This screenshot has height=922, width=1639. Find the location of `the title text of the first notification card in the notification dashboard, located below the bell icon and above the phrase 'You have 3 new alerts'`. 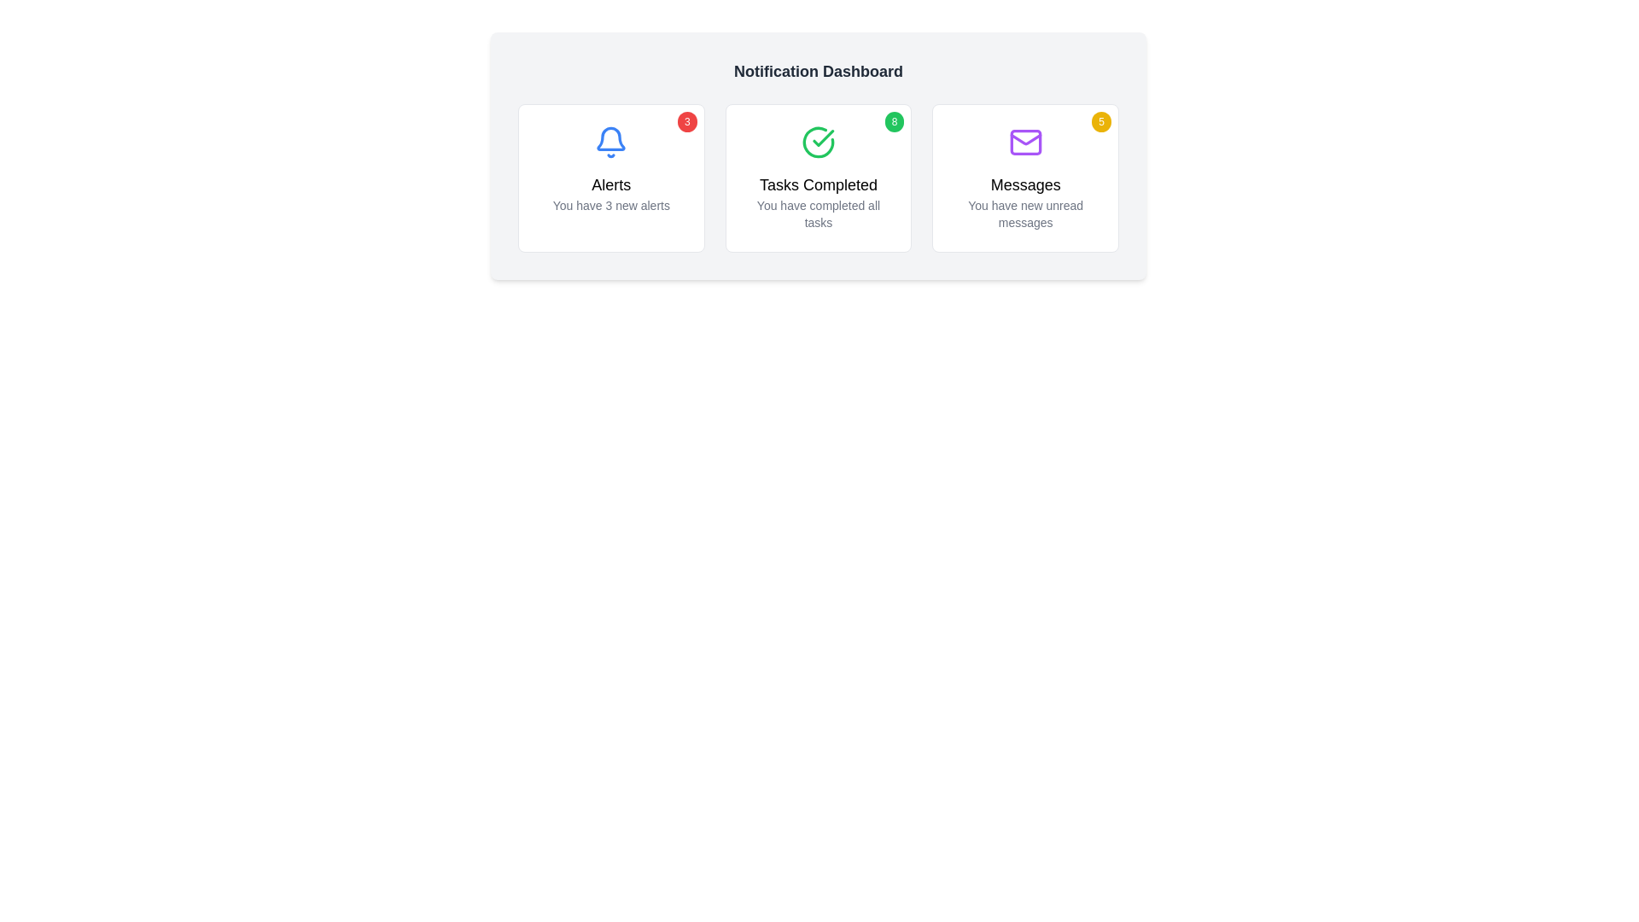

the title text of the first notification card in the notification dashboard, located below the bell icon and above the phrase 'You have 3 new alerts' is located at coordinates (611, 184).